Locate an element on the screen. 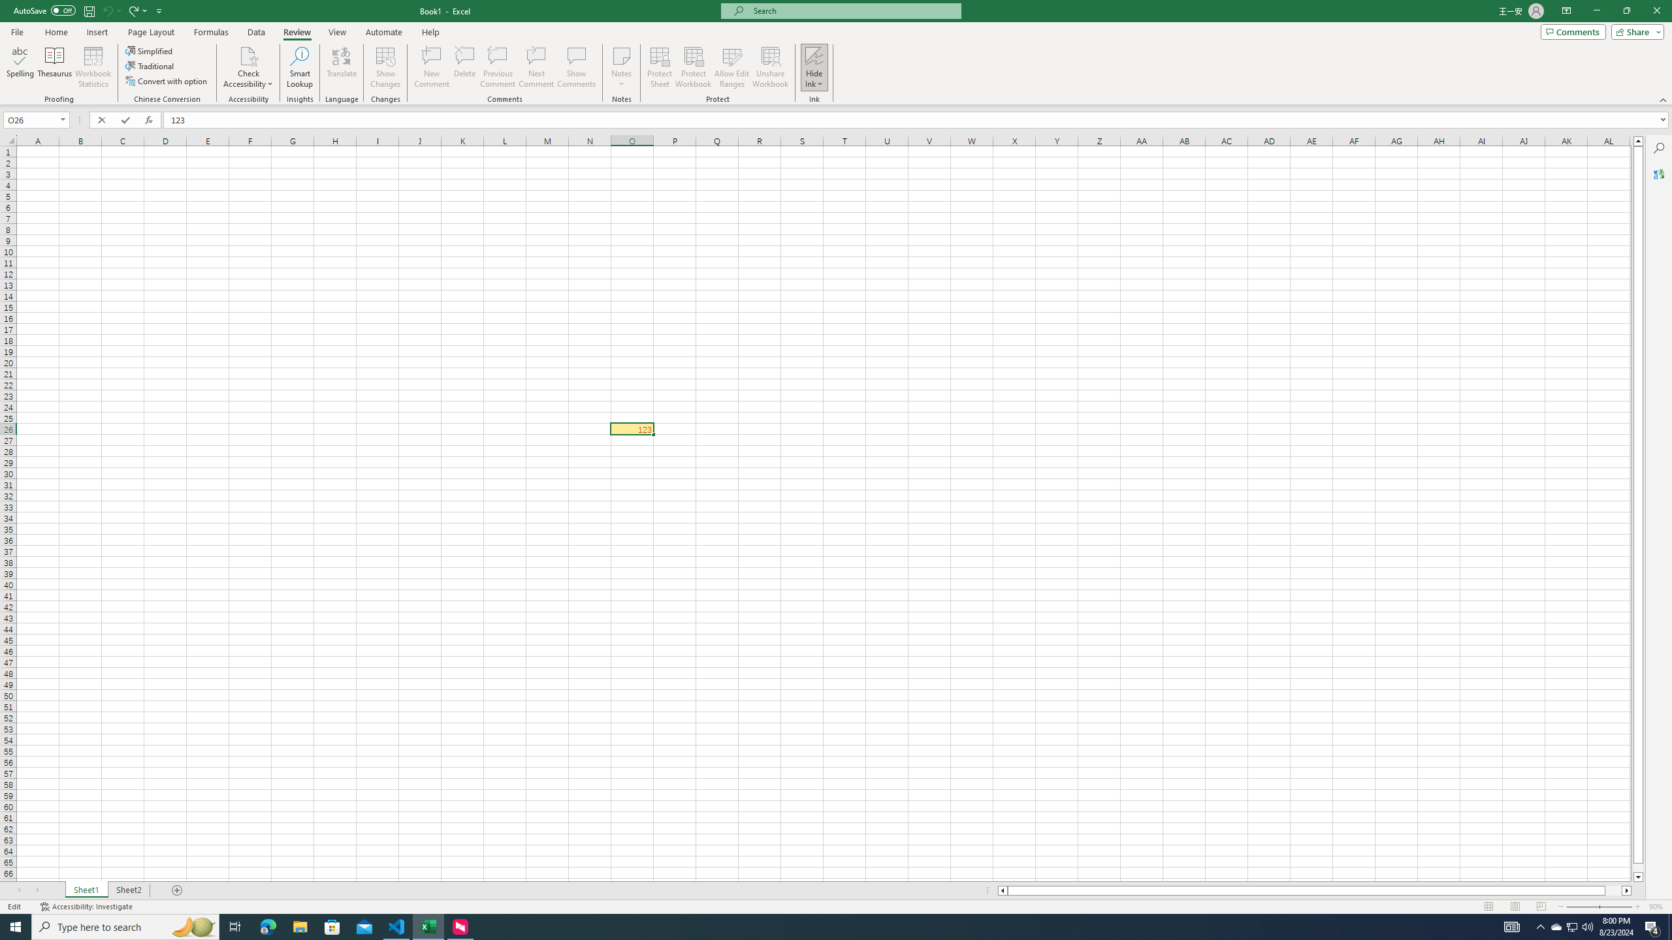  'Zoom In' is located at coordinates (1637, 907).